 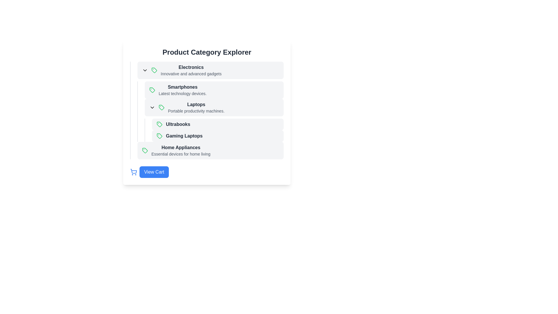 I want to click on the label representing the 'Smartphones' category in the hierarchical navigation menu, so click(x=182, y=90).